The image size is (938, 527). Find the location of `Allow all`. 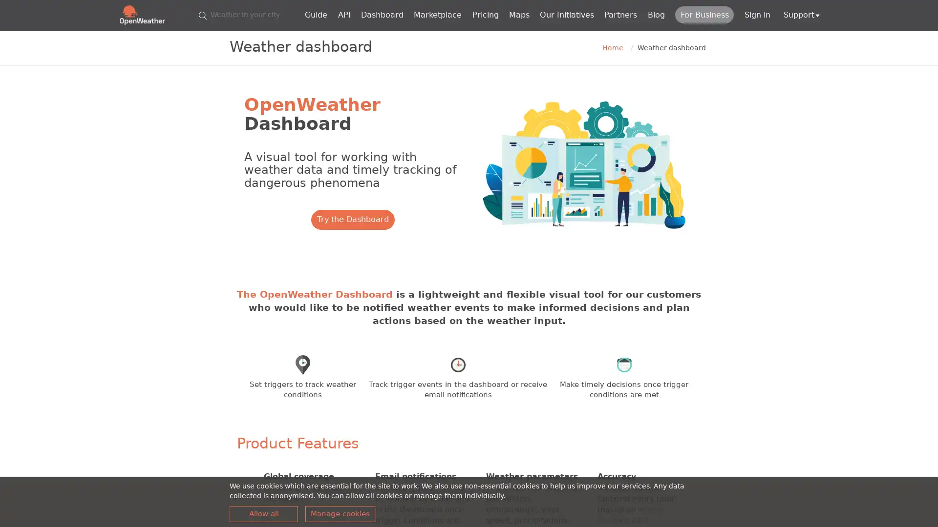

Allow all is located at coordinates (263, 513).